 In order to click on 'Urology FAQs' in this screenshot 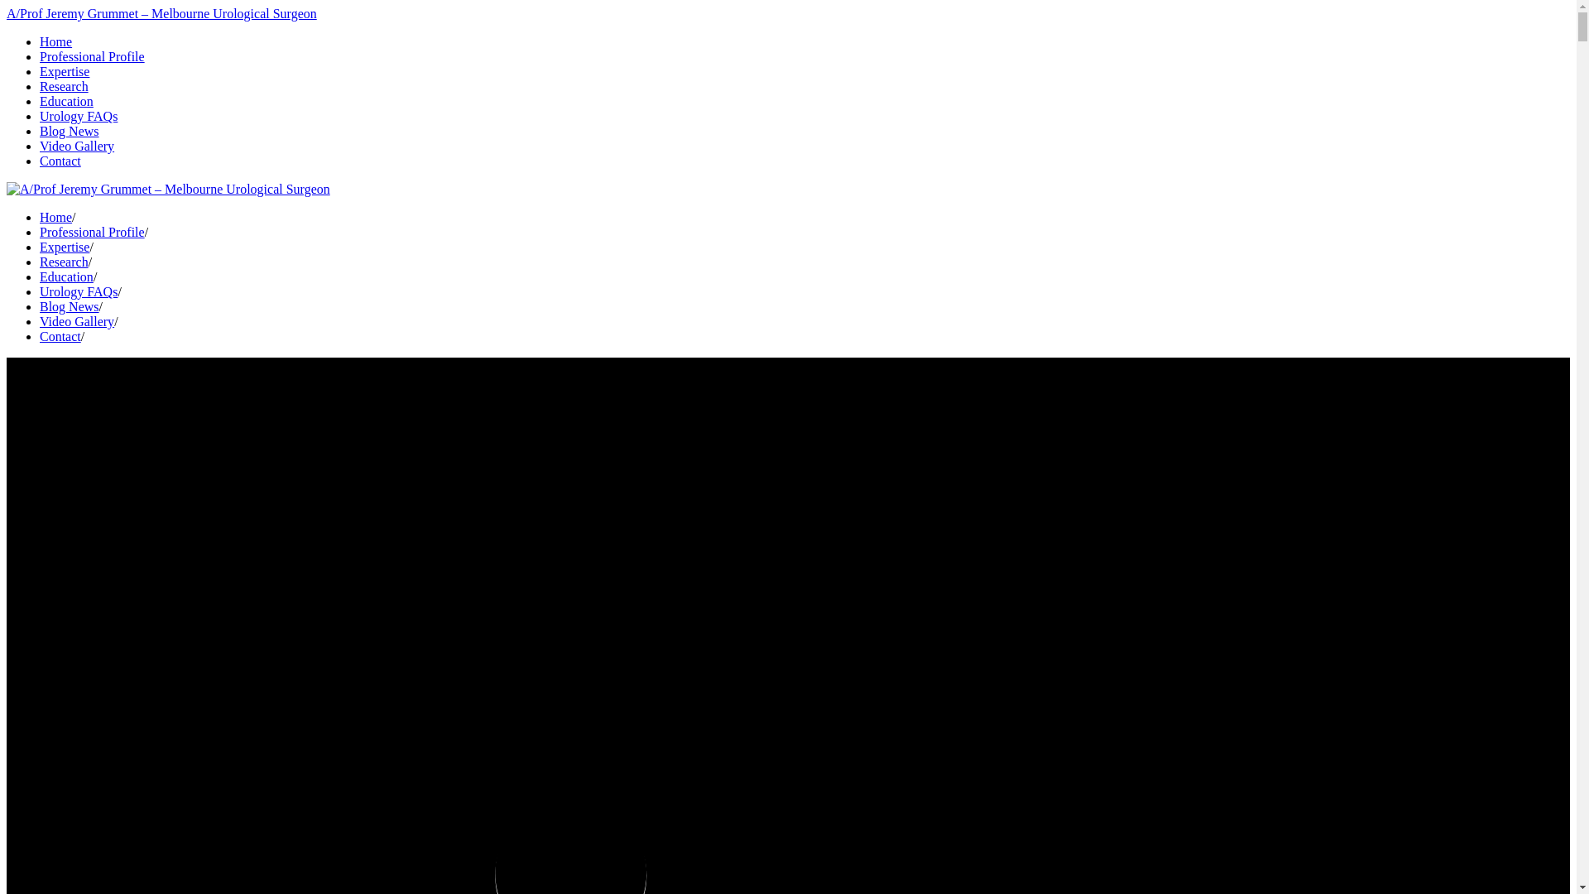, I will do `click(40, 291)`.